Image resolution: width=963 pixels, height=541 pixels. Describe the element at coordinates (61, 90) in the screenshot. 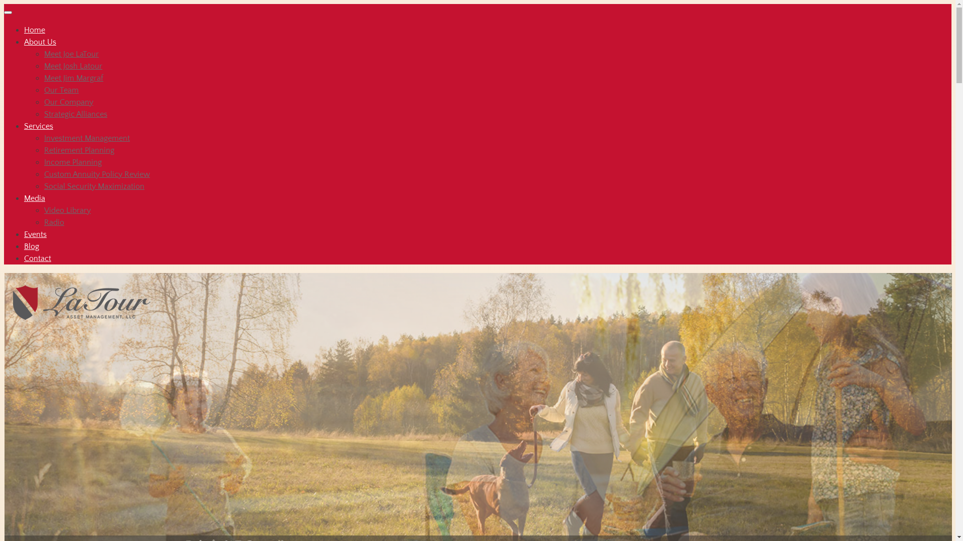

I see `'Our Team'` at that location.